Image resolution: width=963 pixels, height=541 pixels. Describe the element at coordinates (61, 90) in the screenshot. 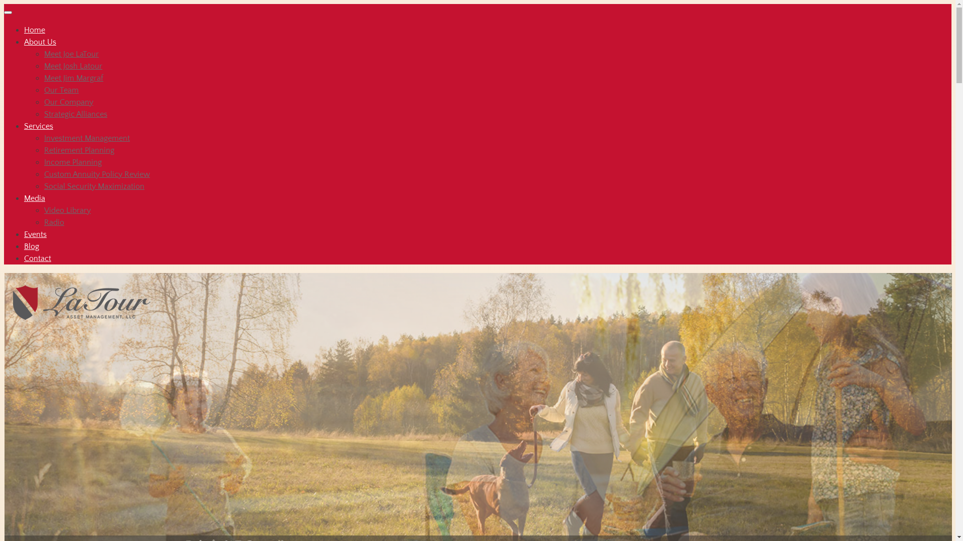

I see `'Our Team'` at that location.